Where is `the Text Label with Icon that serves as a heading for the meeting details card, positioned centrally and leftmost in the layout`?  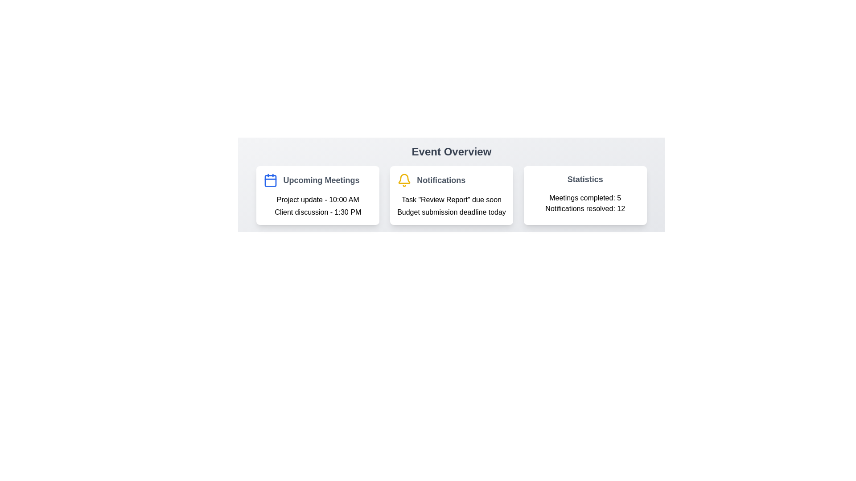 the Text Label with Icon that serves as a heading for the meeting details card, positioned centrally and leftmost in the layout is located at coordinates (318, 180).